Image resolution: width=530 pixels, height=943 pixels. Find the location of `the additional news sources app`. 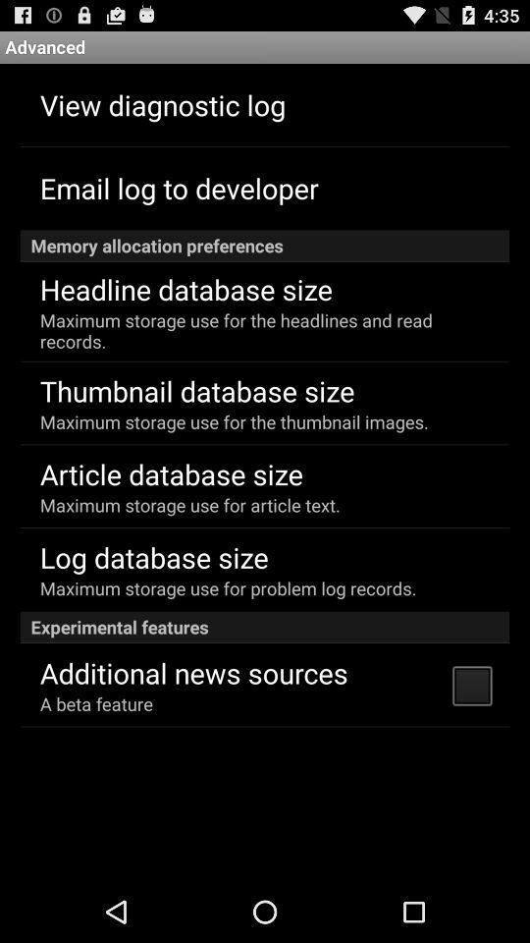

the additional news sources app is located at coordinates (193, 672).